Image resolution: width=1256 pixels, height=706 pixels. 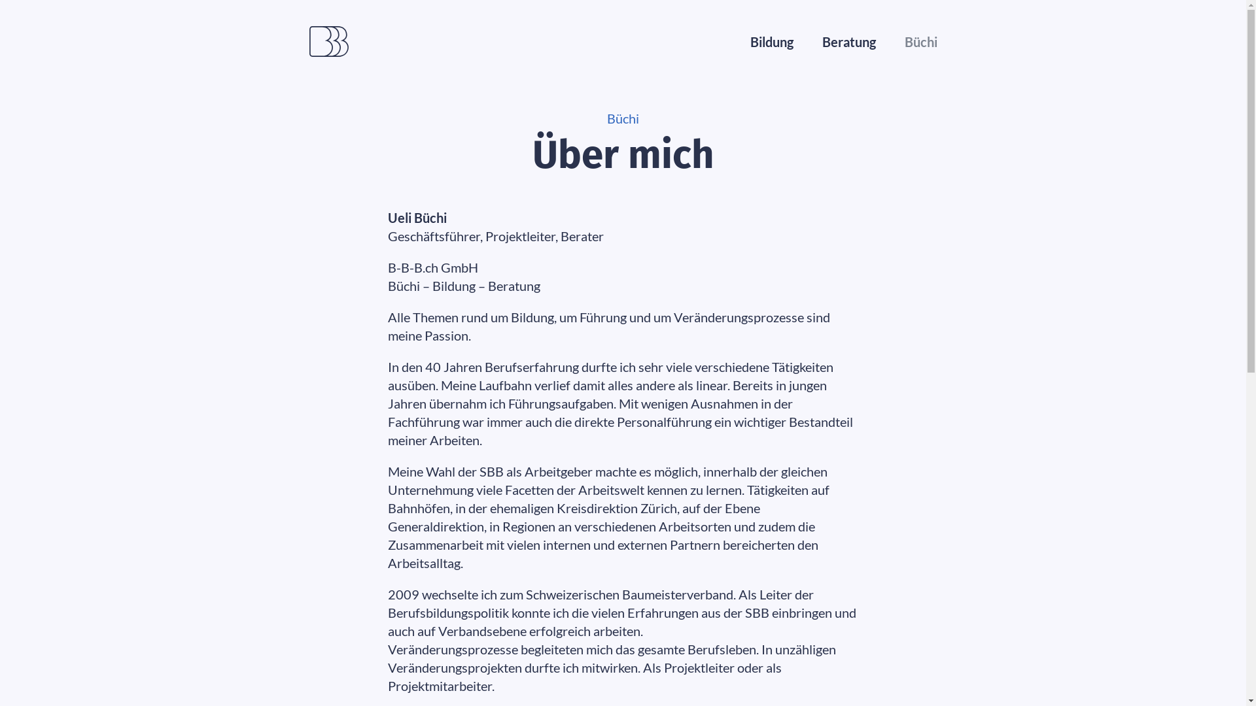 What do you see at coordinates (771, 41) in the screenshot?
I see `'Bildung'` at bounding box center [771, 41].